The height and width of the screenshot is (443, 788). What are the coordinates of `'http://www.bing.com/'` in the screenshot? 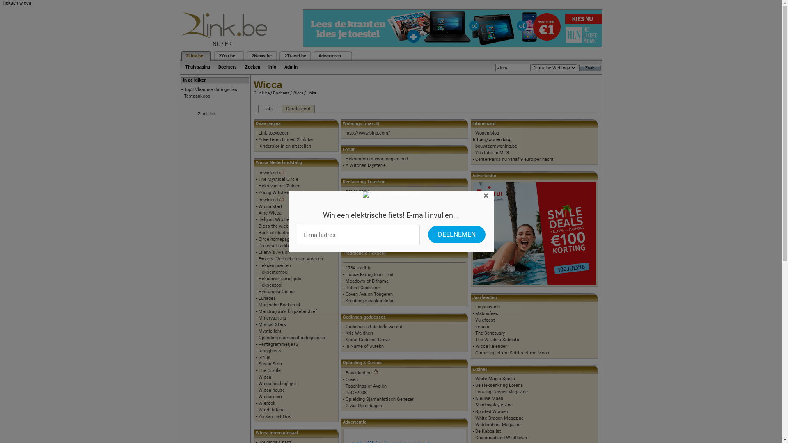 It's located at (367, 132).